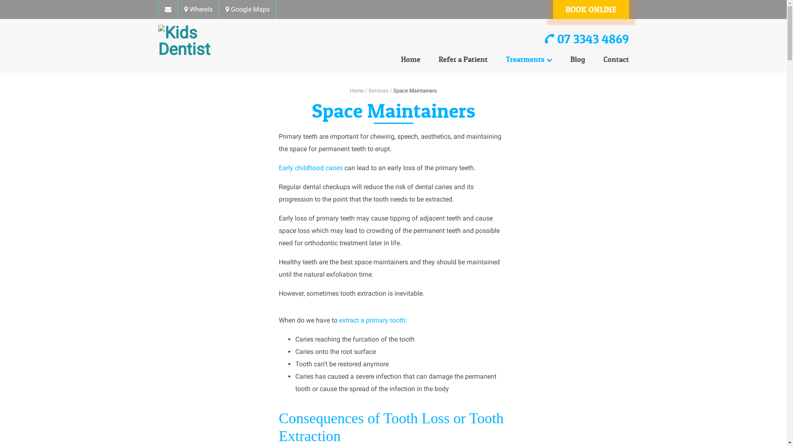 The height and width of the screenshot is (446, 793). What do you see at coordinates (197, 9) in the screenshot?
I see `'WhereIs'` at bounding box center [197, 9].